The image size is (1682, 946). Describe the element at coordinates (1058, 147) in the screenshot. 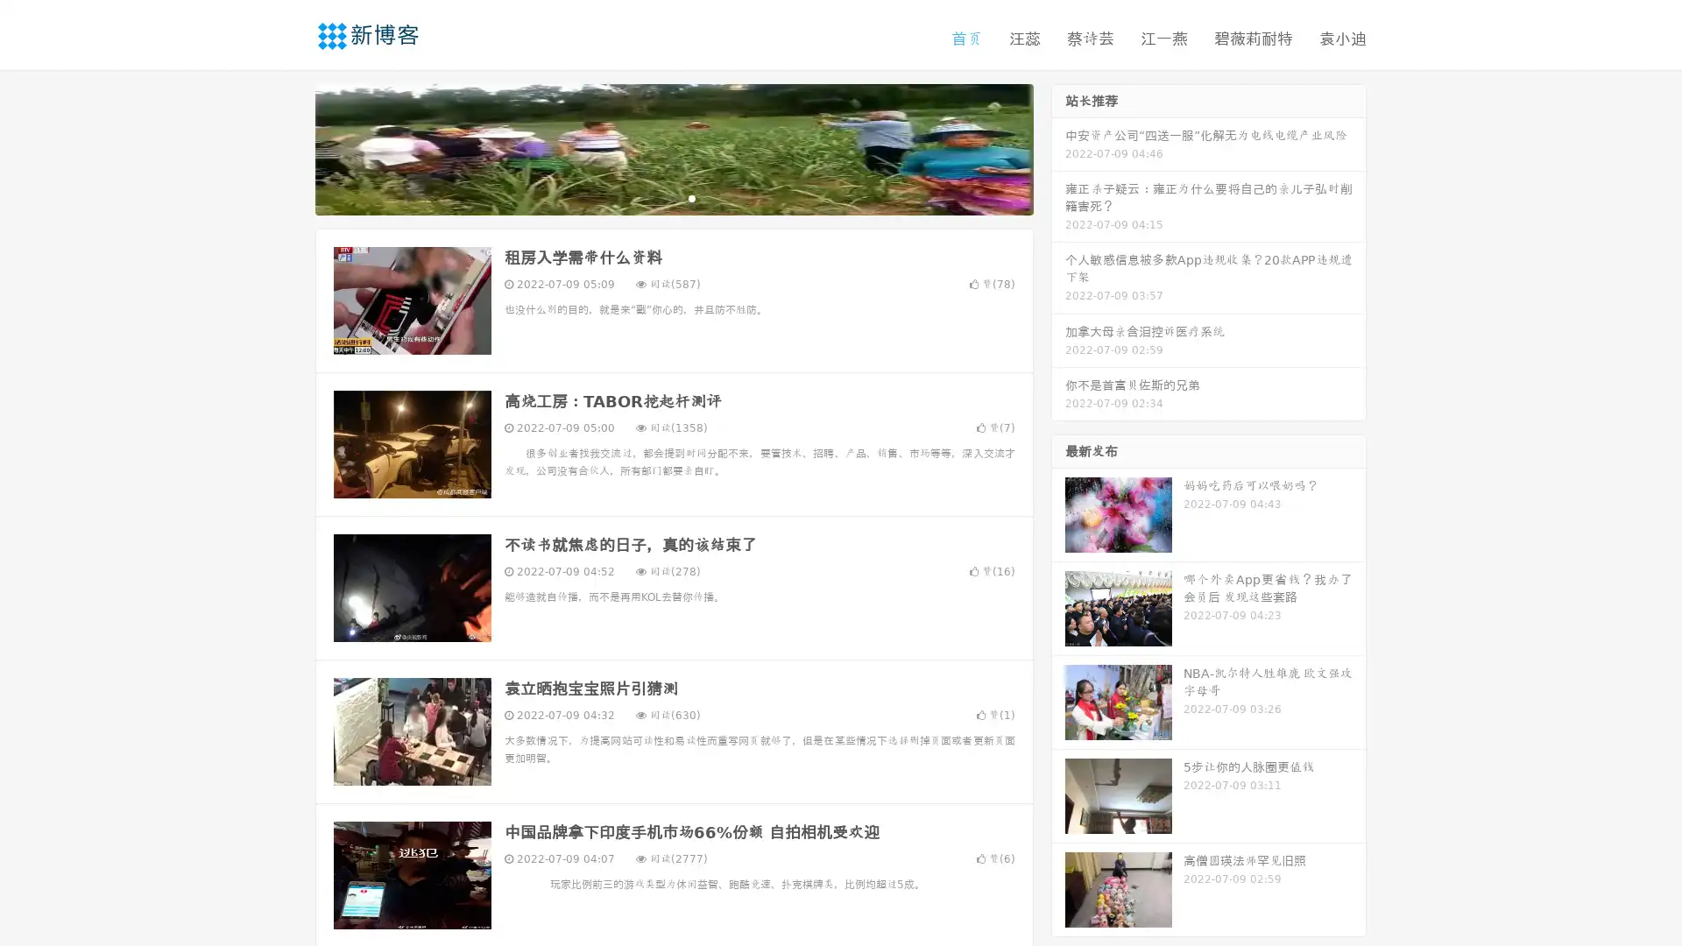

I see `Next slide` at that location.